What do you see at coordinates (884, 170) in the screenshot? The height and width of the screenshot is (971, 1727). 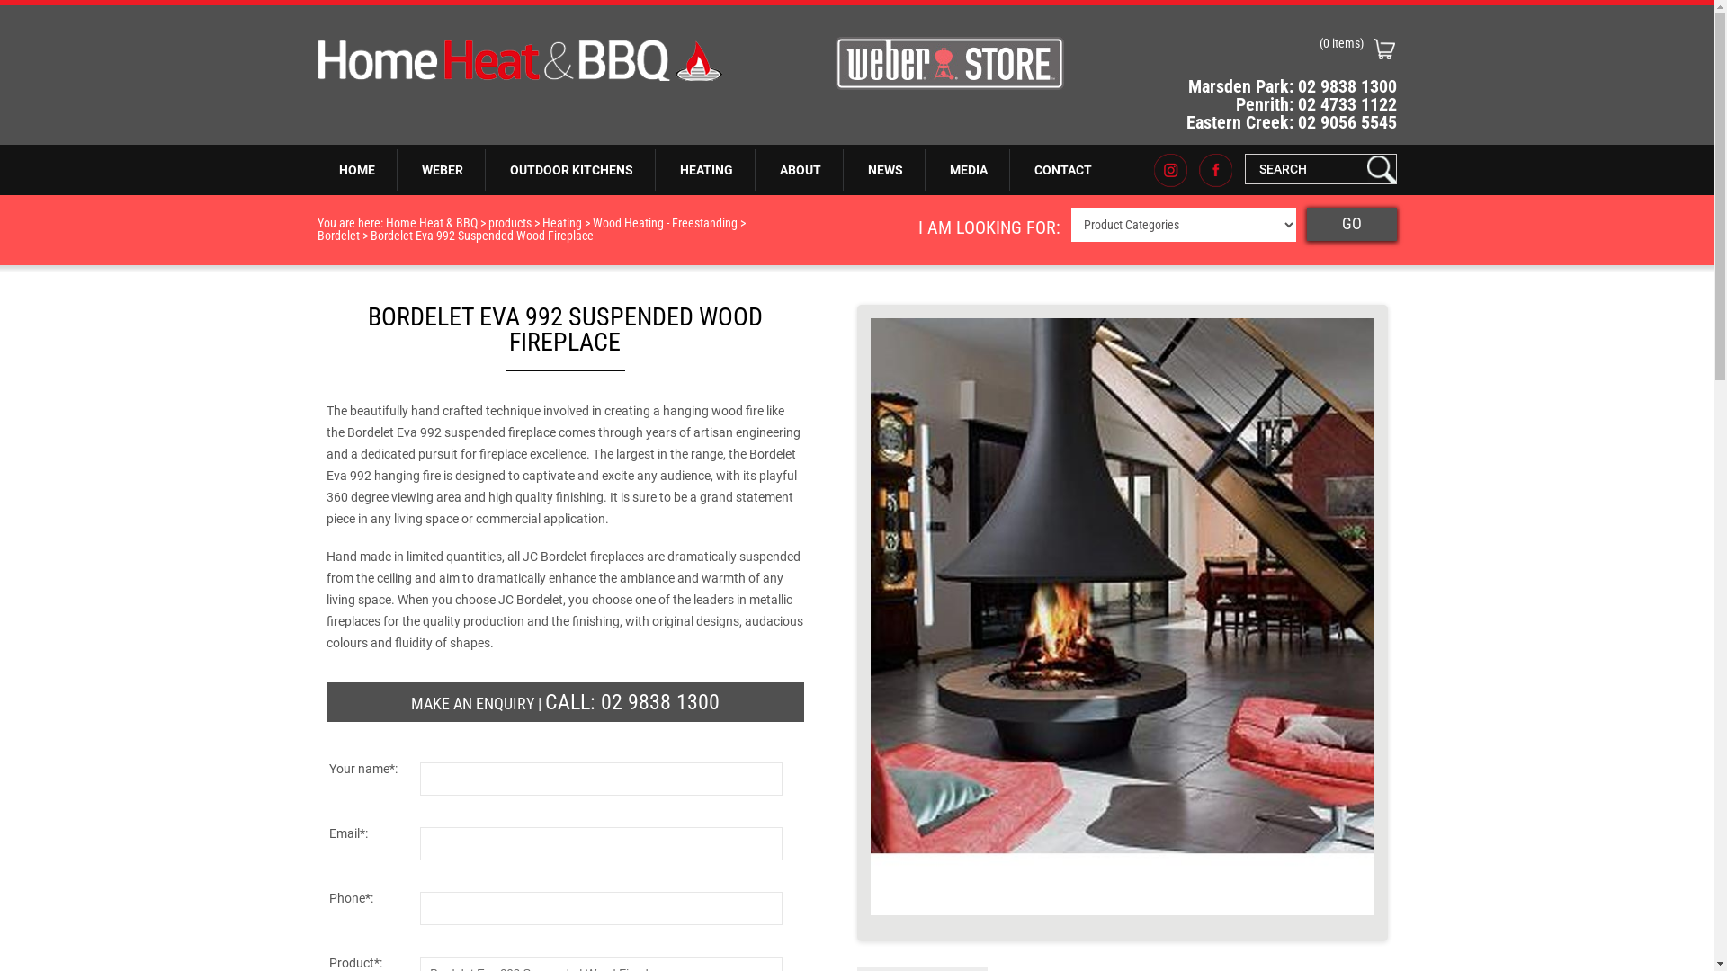 I see `'NEWS'` at bounding box center [884, 170].